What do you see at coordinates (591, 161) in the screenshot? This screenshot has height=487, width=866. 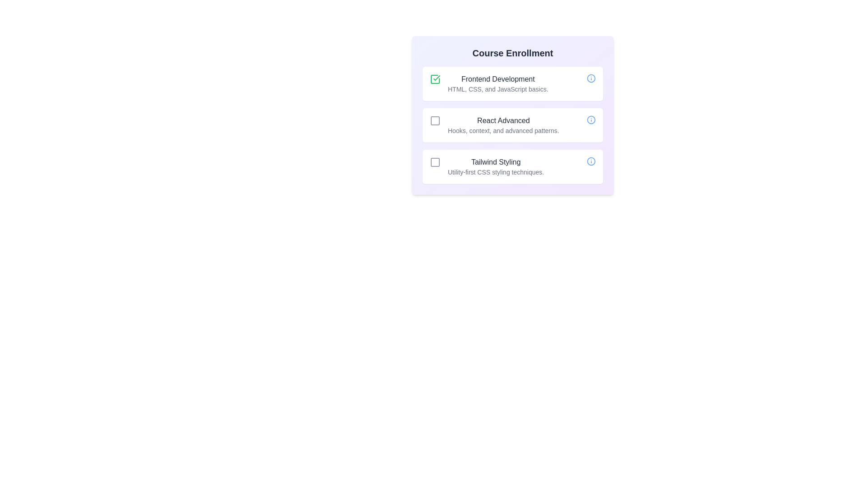 I see `the blue and white circular information icon located at the far right of the 'Tailwind Styling' course item` at bounding box center [591, 161].